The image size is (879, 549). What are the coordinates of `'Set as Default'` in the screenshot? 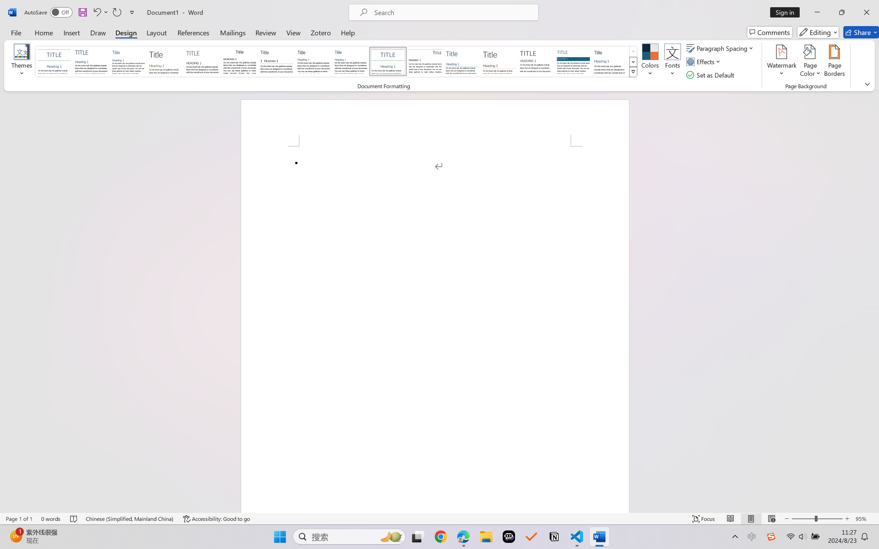 It's located at (712, 75).